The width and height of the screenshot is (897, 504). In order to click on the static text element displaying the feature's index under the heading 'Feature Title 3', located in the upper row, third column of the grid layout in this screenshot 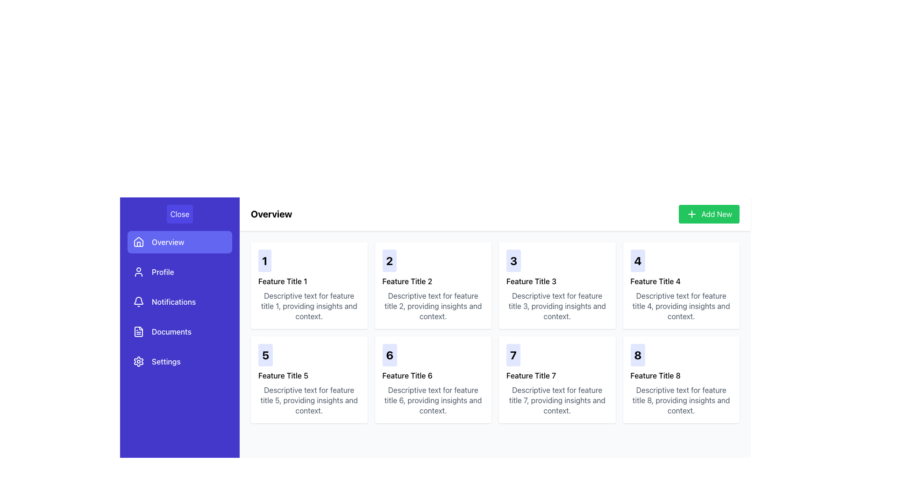, I will do `click(513, 261)`.